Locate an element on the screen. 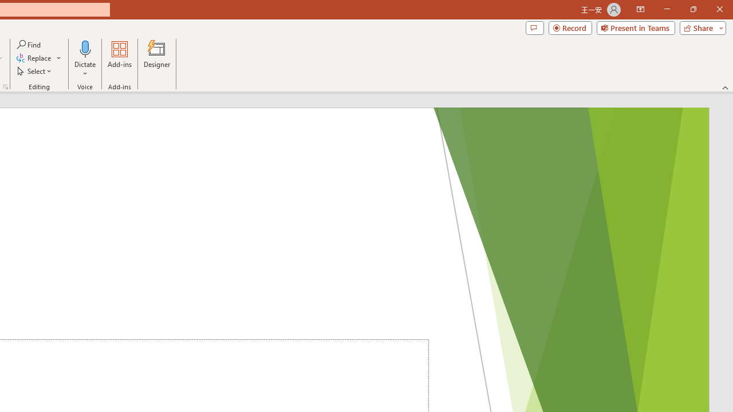 The image size is (733, 412). 'Dictate' is located at coordinates (85, 48).